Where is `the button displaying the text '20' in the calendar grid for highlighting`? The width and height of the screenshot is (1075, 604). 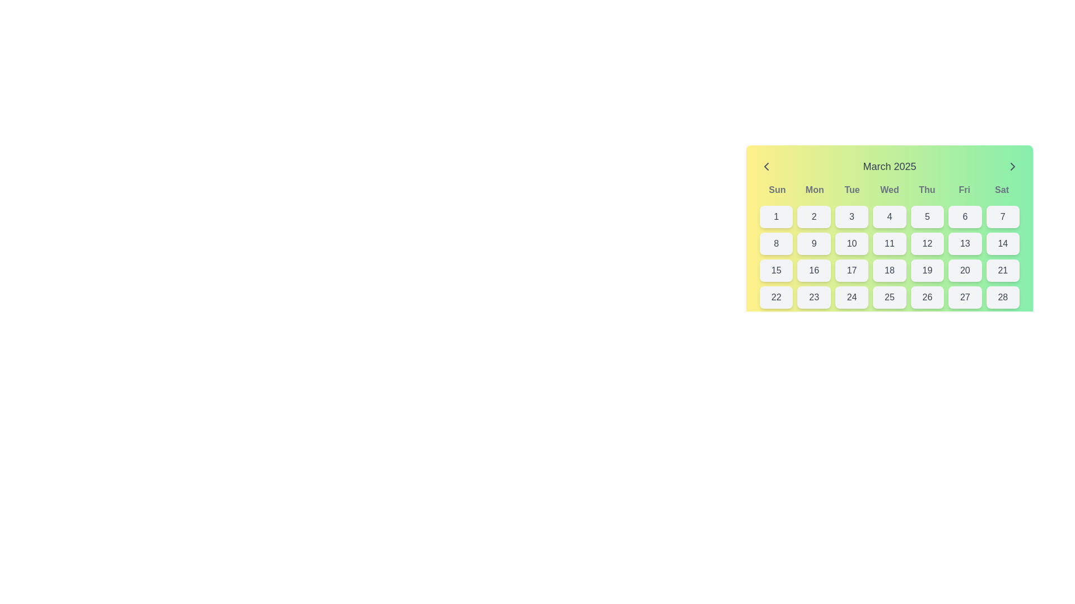 the button displaying the text '20' in the calendar grid for highlighting is located at coordinates (964, 270).